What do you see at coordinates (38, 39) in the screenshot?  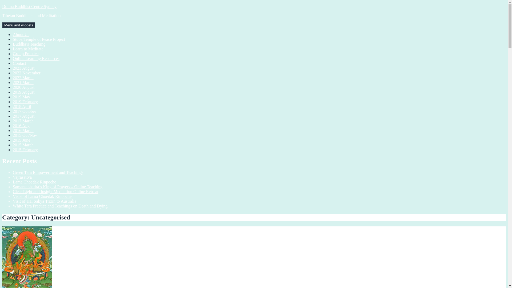 I see `'Stupa Temple of Peace Project'` at bounding box center [38, 39].